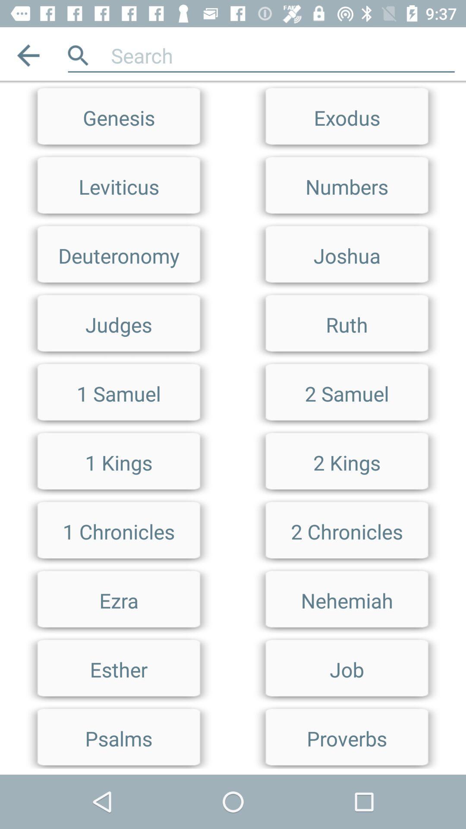 This screenshot has width=466, height=829. Describe the element at coordinates (28, 55) in the screenshot. I see `the arrow_backward icon` at that location.